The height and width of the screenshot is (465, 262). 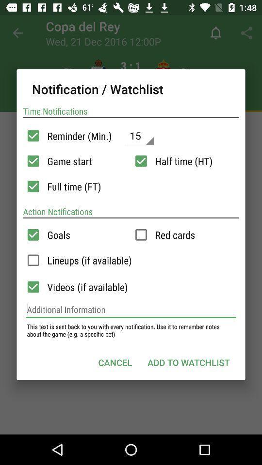 I want to click on red cards, so click(x=141, y=234).